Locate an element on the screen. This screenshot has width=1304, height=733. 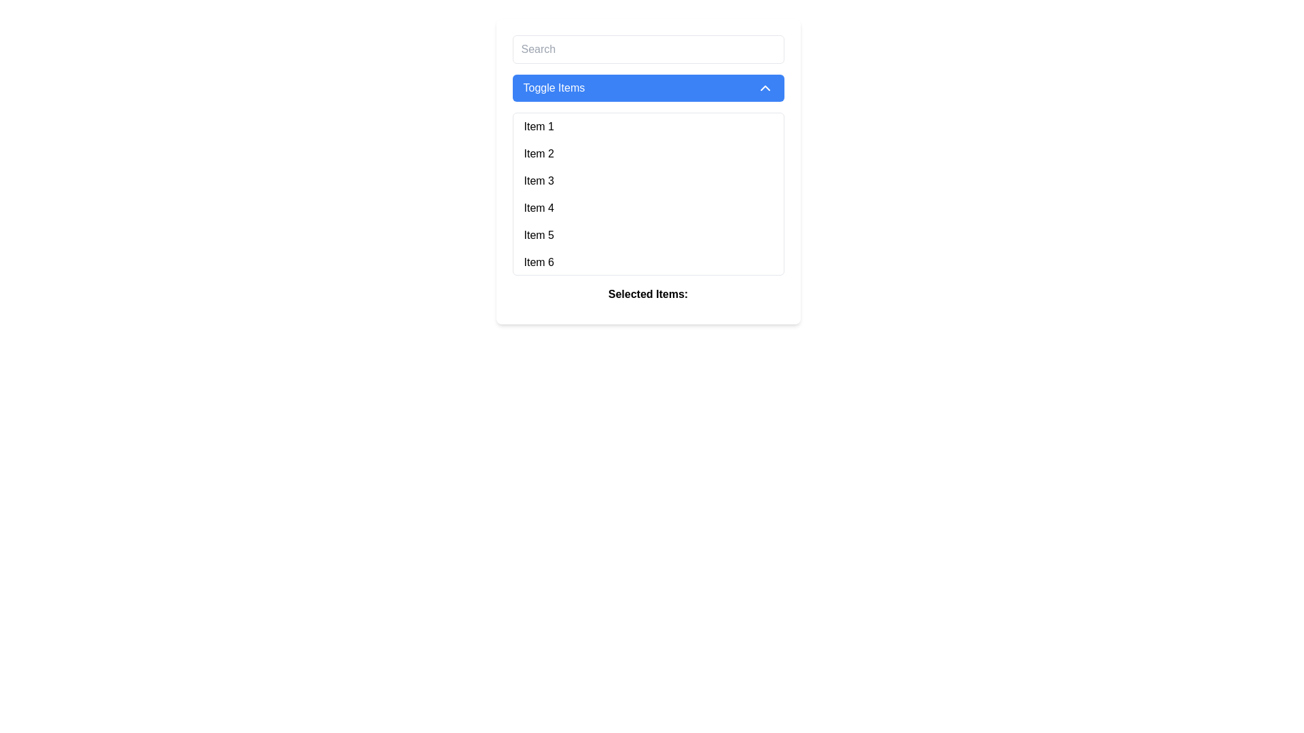
the state indicator icon located at the right side of the 'Toggle Items' button, which reflects the current UI state indicating that the interface is expanded is located at coordinates (765, 88).